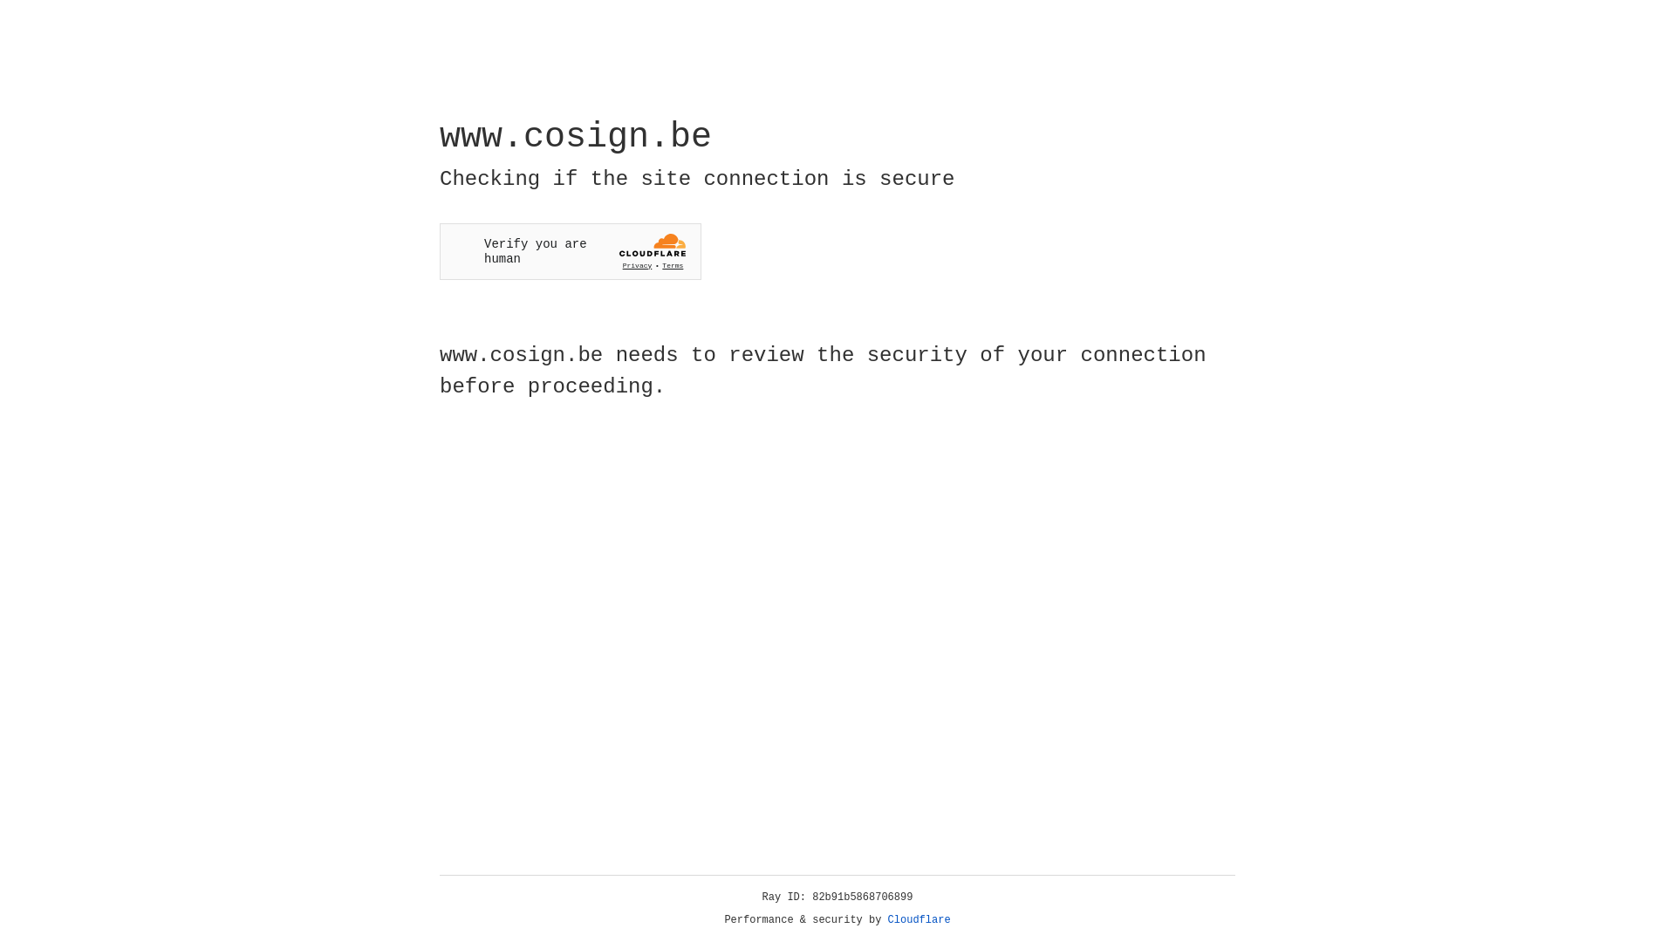 This screenshot has height=942, width=1675. I want to click on 'Widget containing a Cloudflare security challenge', so click(570, 251).